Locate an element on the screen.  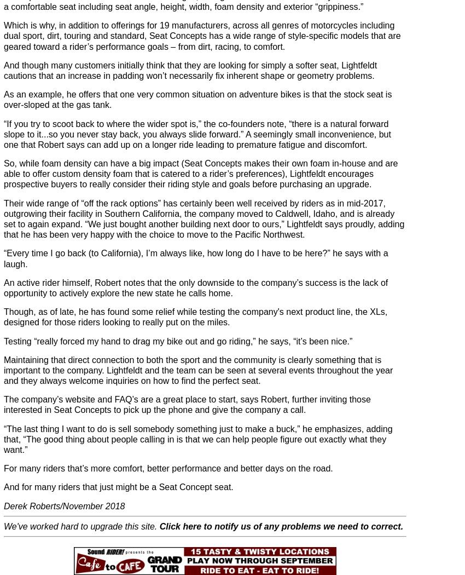
'“Every time I go back (to California), I’m always like, how long do I have
    to be here?” he says with a laugh.' is located at coordinates (195, 258).